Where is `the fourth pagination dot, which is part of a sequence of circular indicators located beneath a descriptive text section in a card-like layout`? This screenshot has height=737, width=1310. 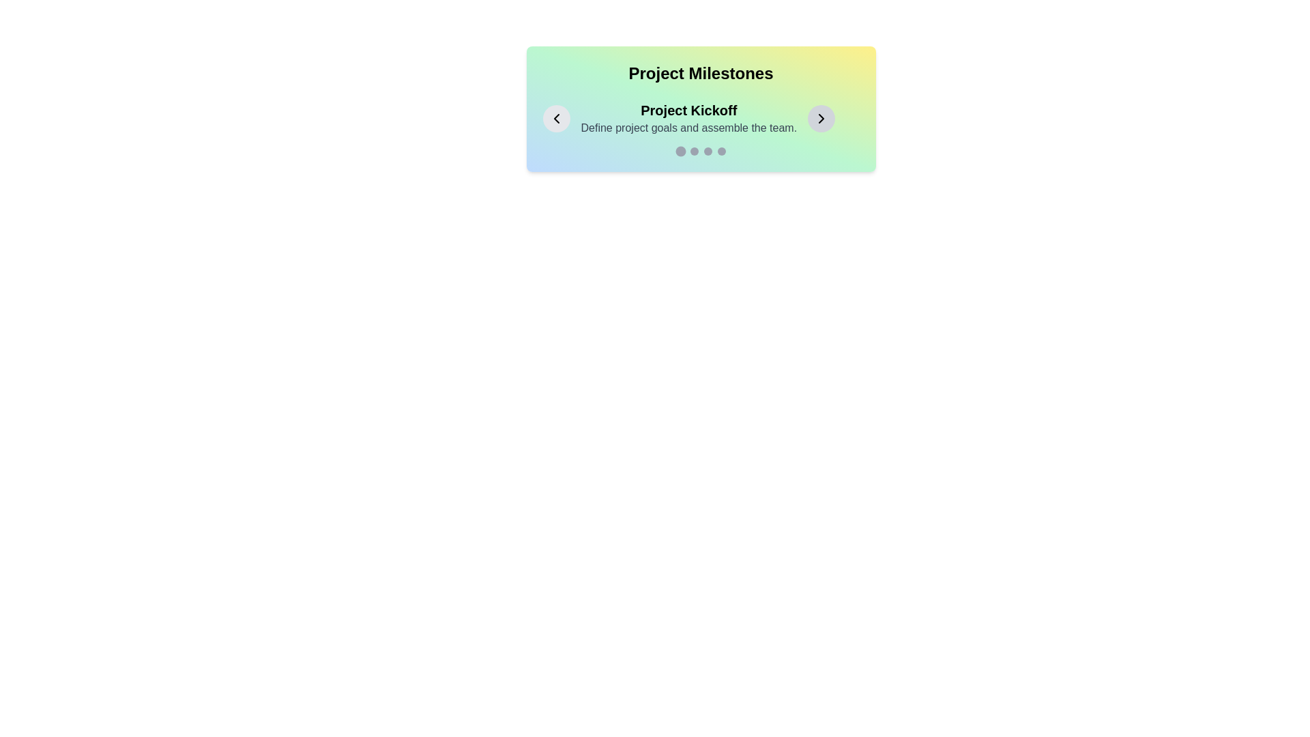 the fourth pagination dot, which is part of a sequence of circular indicators located beneath a descriptive text section in a card-like layout is located at coordinates (720, 151).